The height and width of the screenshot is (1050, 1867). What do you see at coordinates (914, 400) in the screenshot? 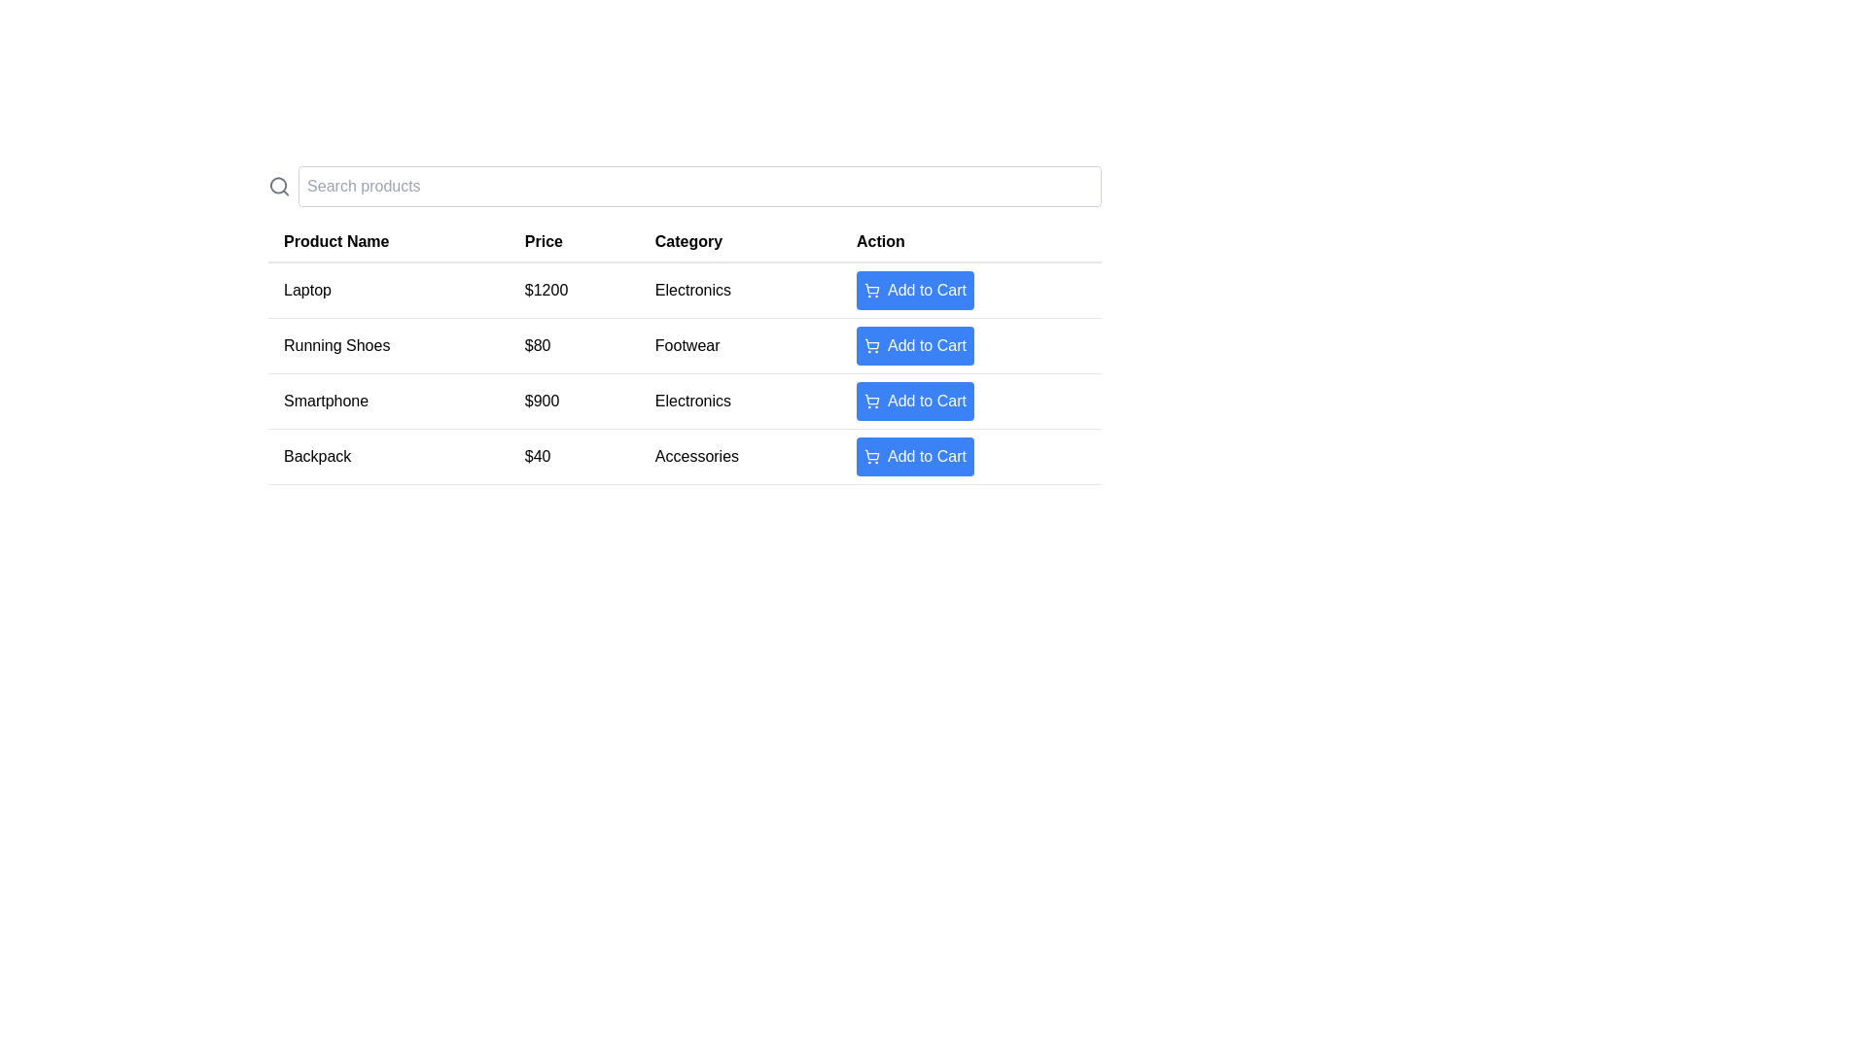
I see `the Interactive Button for adding 'Smartphone' to the shopping cart, located in the third row of the 'Action' column` at bounding box center [914, 400].